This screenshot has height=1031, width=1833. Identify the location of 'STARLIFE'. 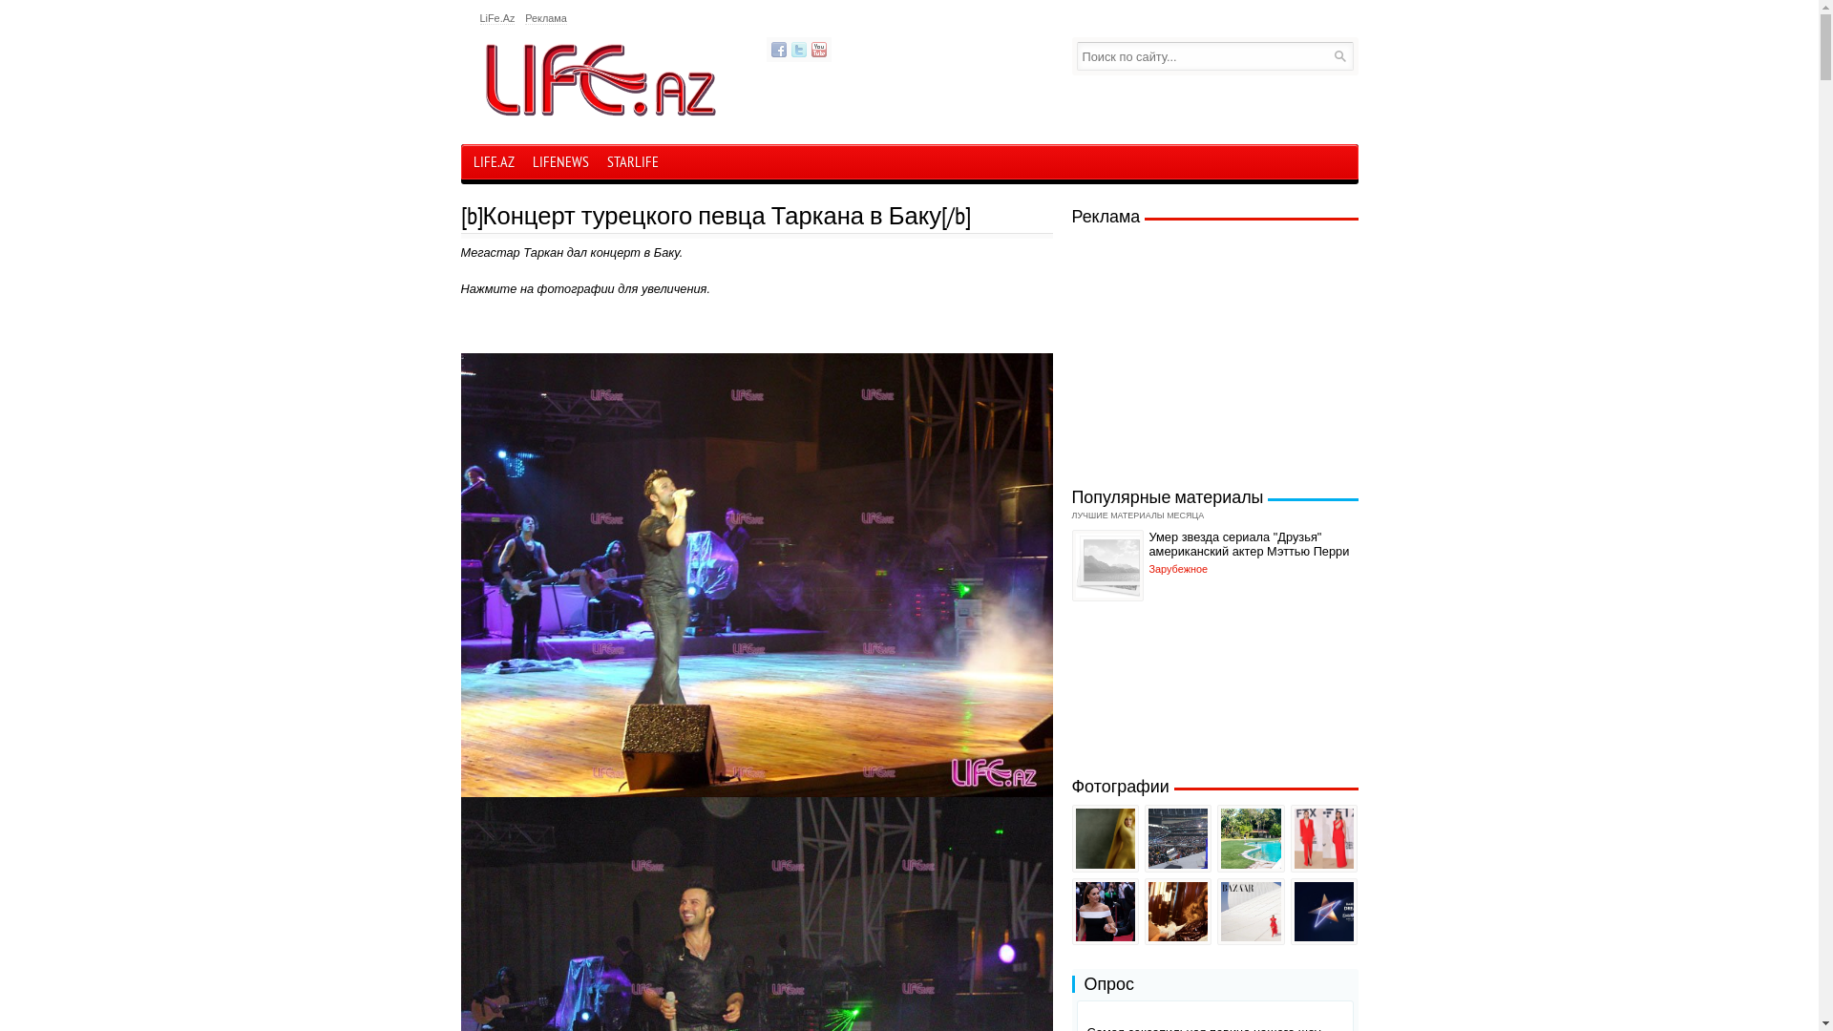
(632, 163).